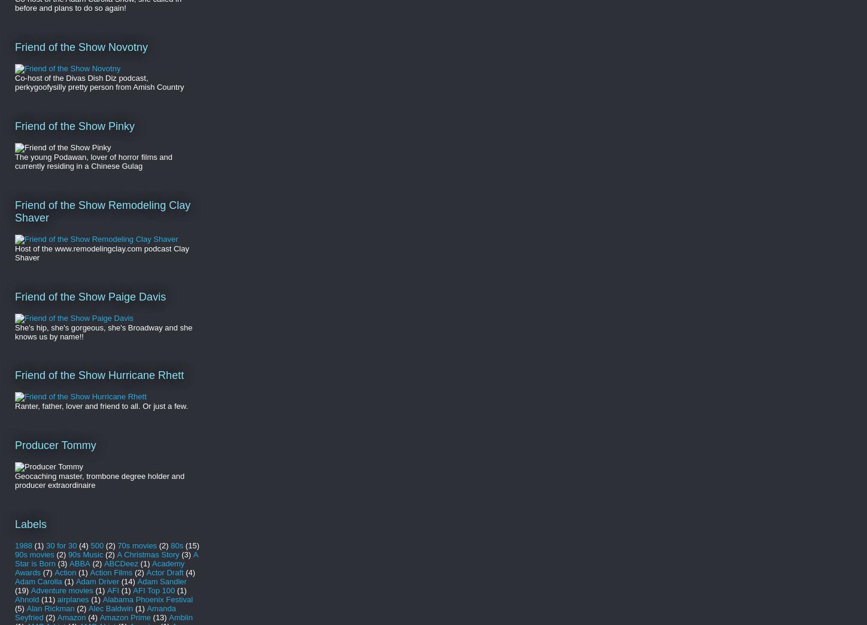 The height and width of the screenshot is (625, 867). What do you see at coordinates (102, 211) in the screenshot?
I see `'Friend of the Show Remodeling Clay Shaver'` at bounding box center [102, 211].